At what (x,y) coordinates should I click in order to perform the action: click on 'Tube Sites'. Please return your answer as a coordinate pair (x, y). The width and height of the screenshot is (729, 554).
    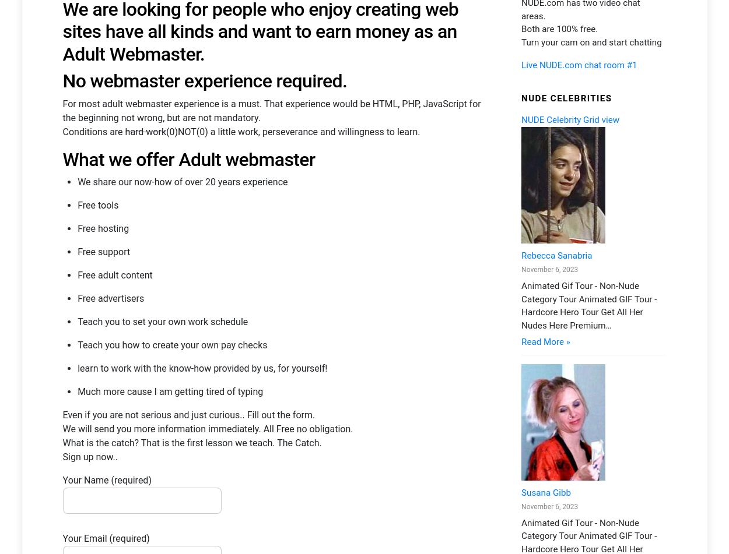
    Looking at the image, I should click on (596, 284).